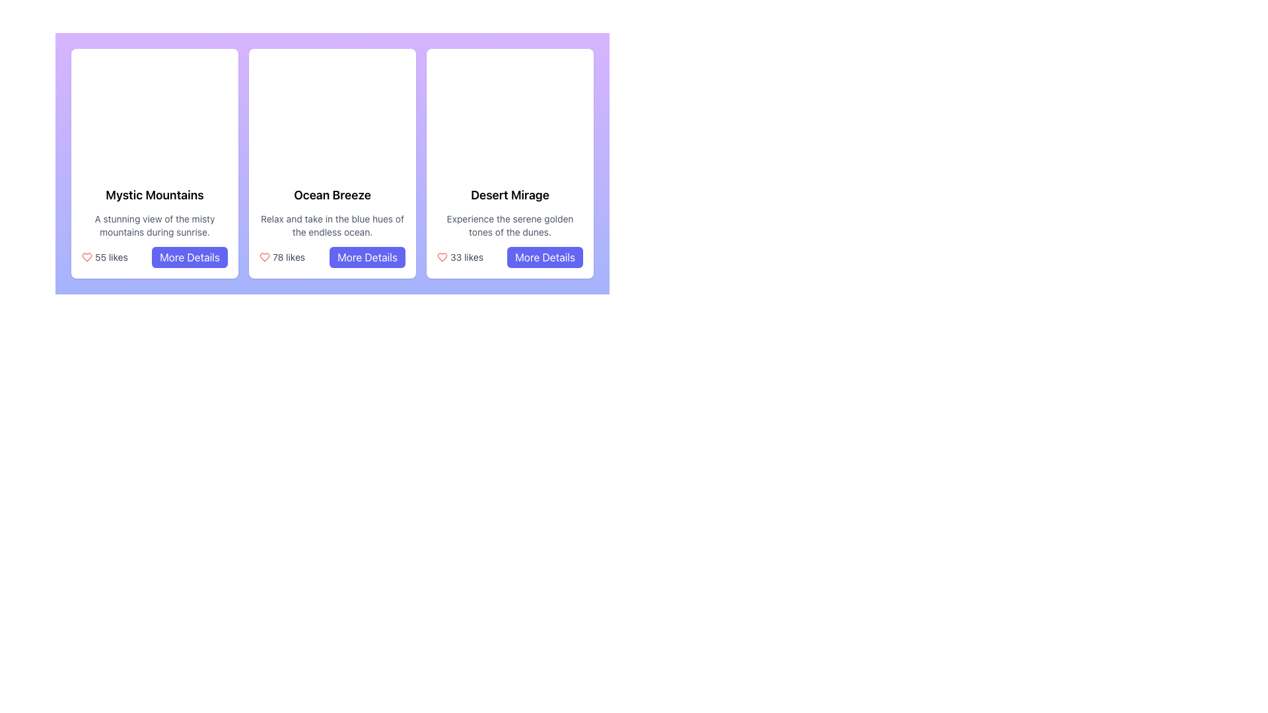  I want to click on the red heart icon representing a 'like' marker located in the 'Mystic Mountains' card, positioned above the '55 likes' text and to the left of the 'More Details' button, so click(87, 257).